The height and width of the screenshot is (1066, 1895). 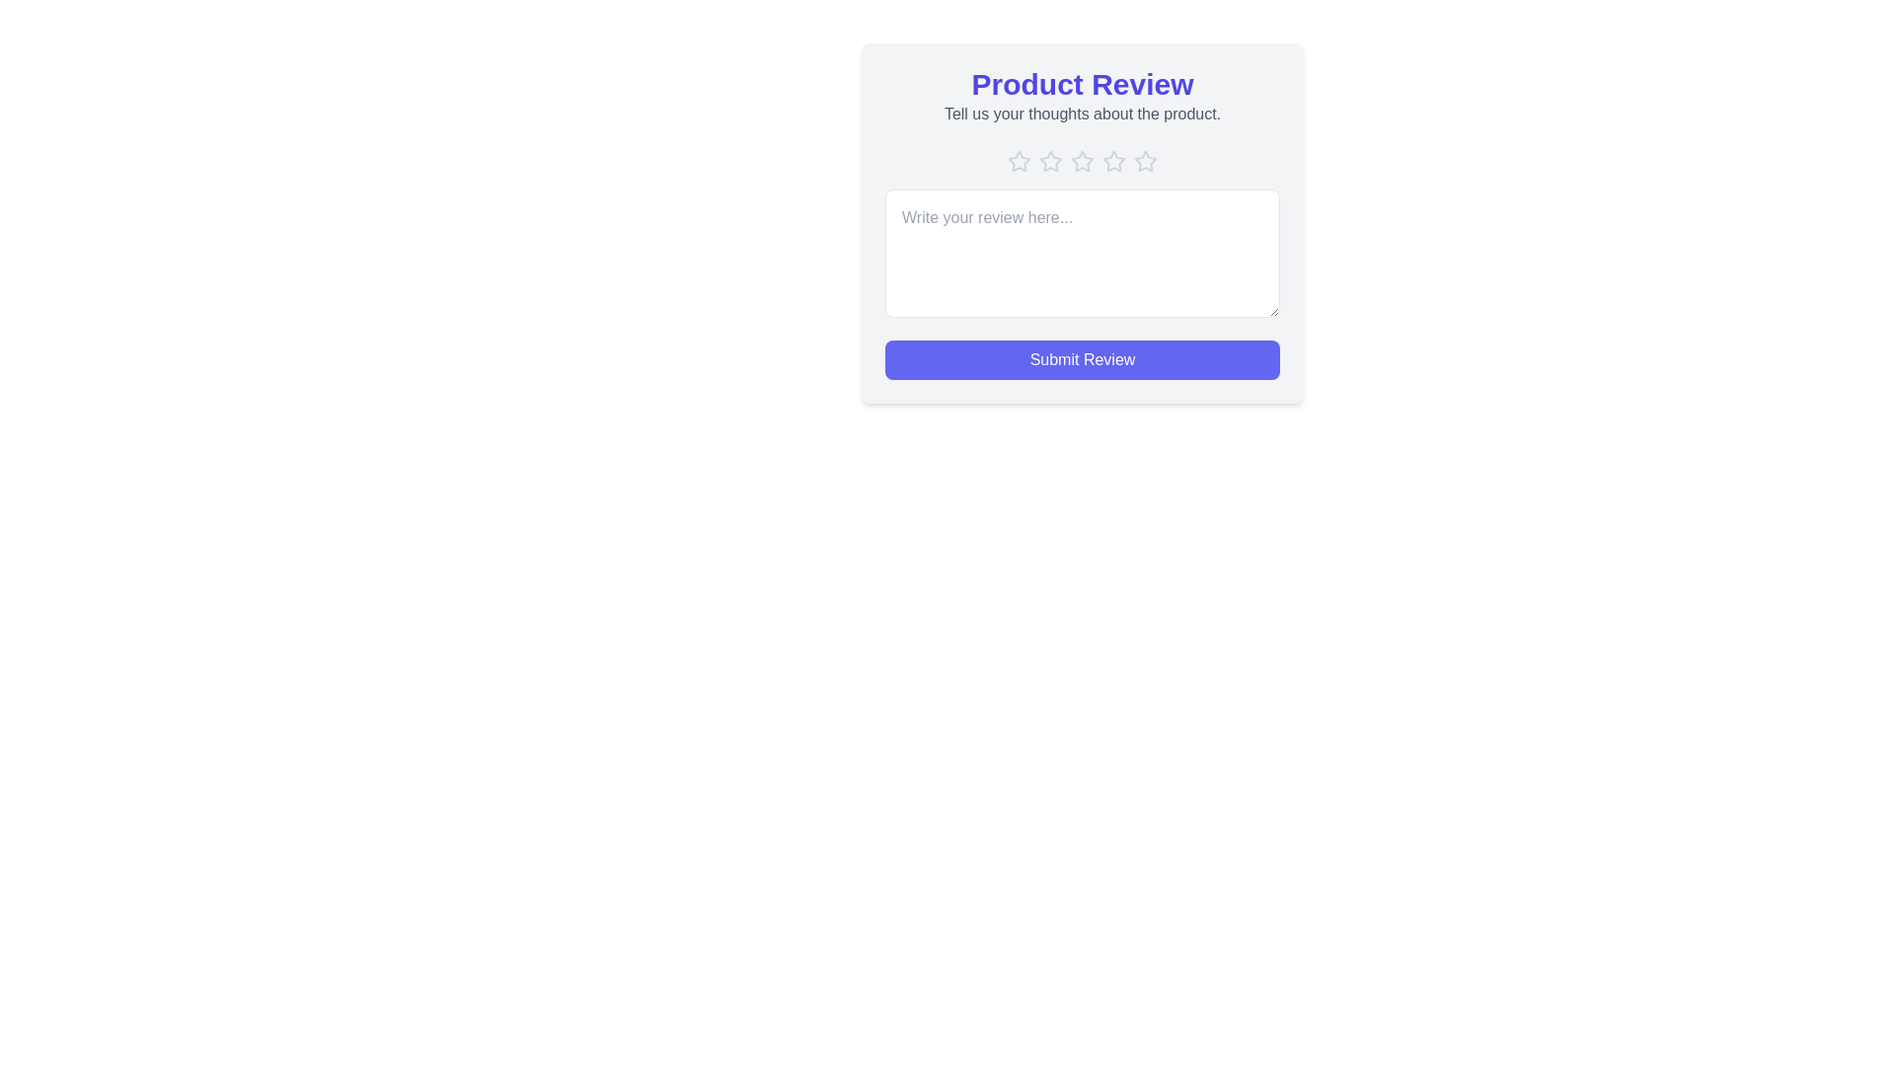 I want to click on the Header section titled 'Product Review' which includes a subtitle 'Tell us your thoughts about the product.', so click(x=1082, y=96).